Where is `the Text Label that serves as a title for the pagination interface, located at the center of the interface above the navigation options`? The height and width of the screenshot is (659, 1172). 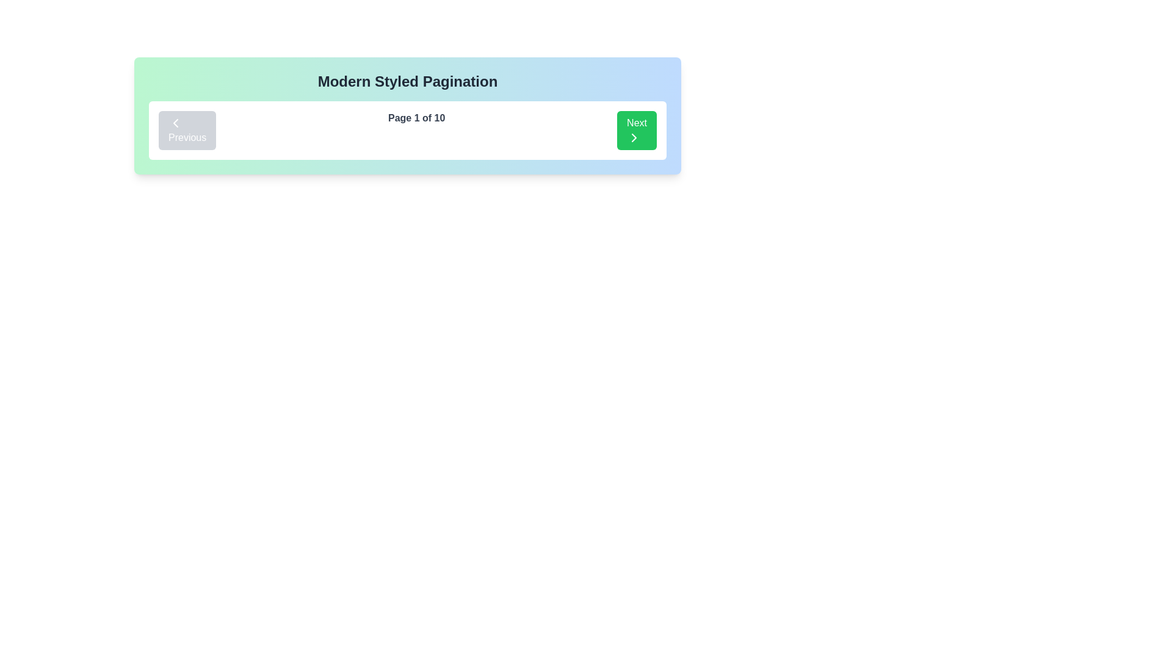
the Text Label that serves as a title for the pagination interface, located at the center of the interface above the navigation options is located at coordinates (407, 82).